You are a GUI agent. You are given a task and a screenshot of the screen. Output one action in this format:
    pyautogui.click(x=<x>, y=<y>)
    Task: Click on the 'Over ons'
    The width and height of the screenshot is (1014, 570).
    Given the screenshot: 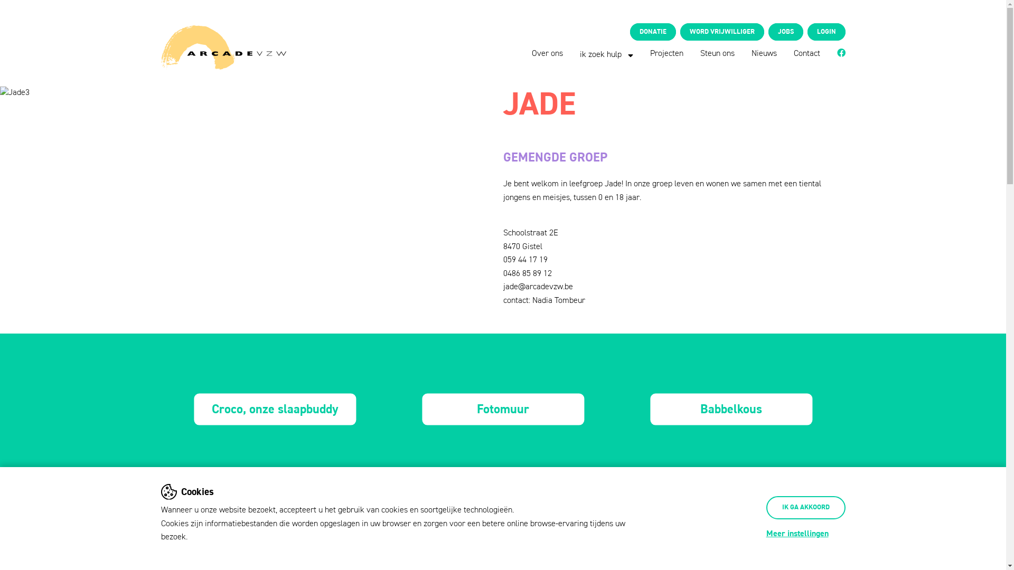 What is the action you would take?
    pyautogui.click(x=532, y=53)
    